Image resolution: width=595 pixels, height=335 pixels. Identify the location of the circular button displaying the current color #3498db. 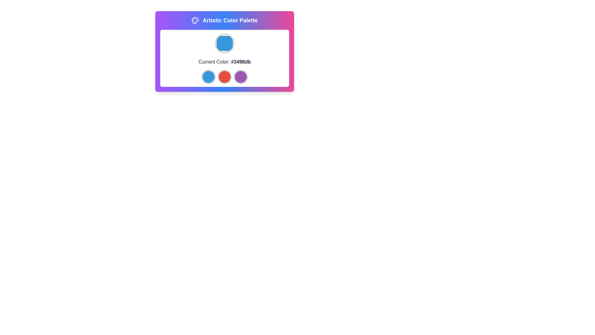
(224, 43).